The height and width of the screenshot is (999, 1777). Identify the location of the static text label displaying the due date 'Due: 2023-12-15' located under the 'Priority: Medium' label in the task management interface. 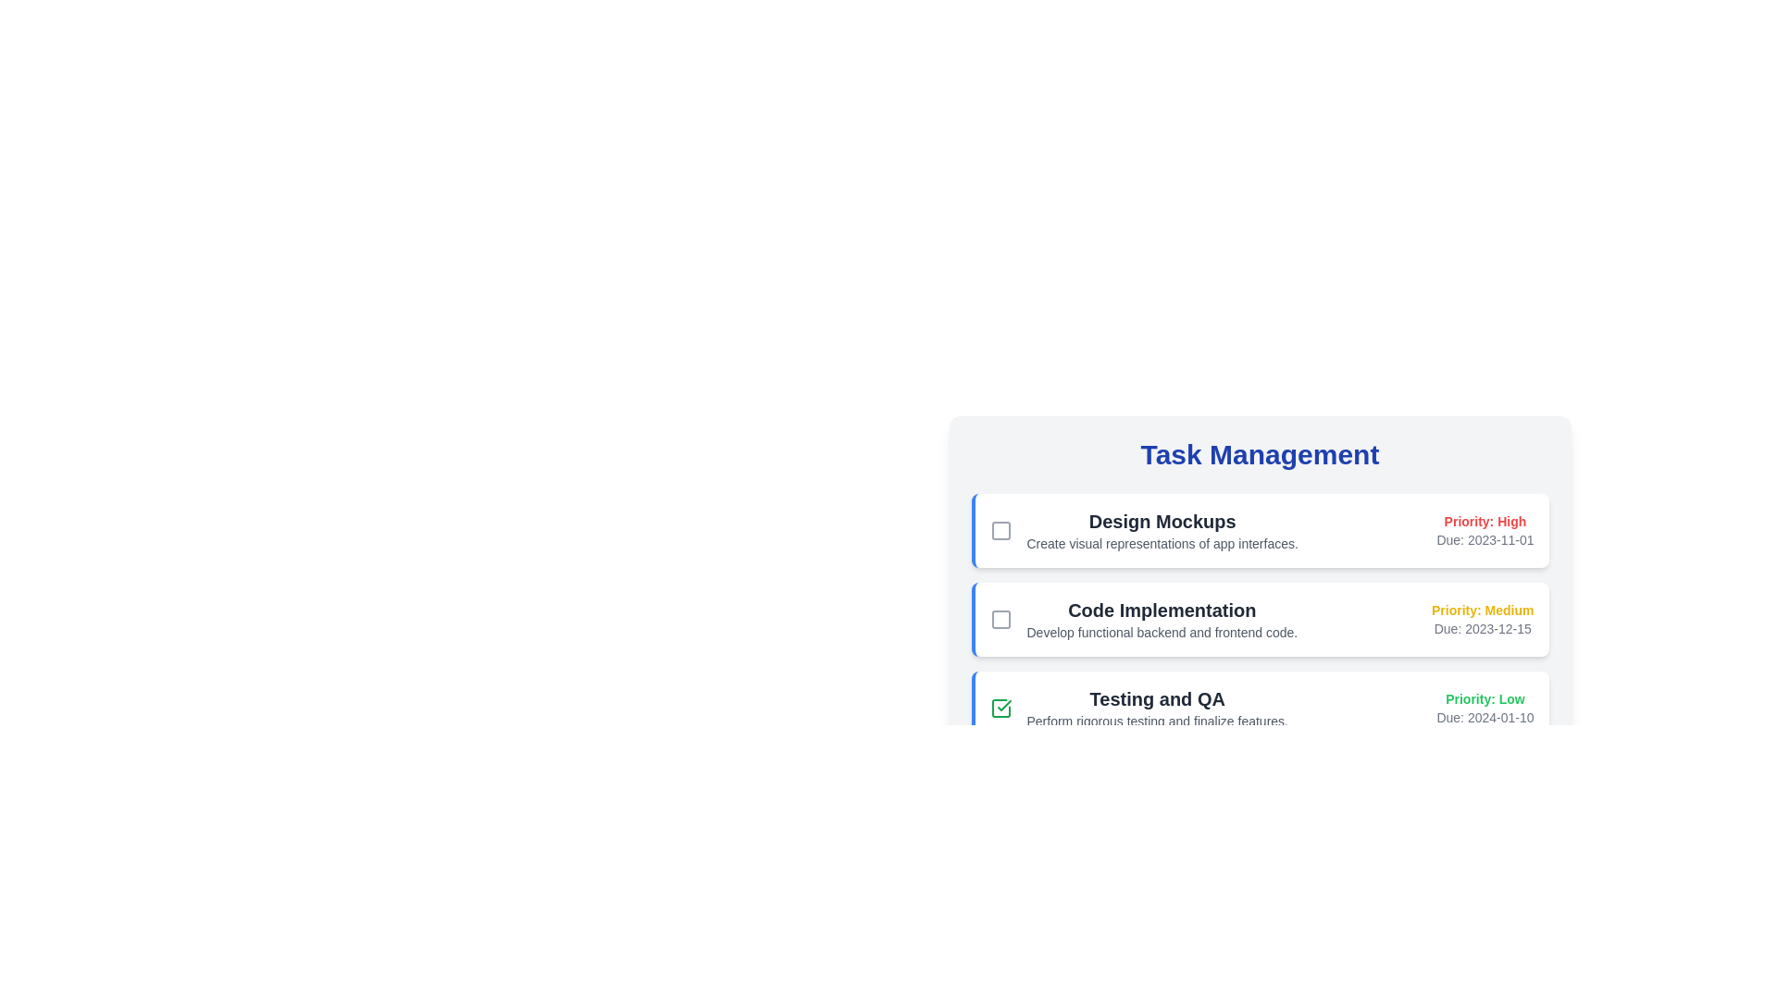
(1483, 627).